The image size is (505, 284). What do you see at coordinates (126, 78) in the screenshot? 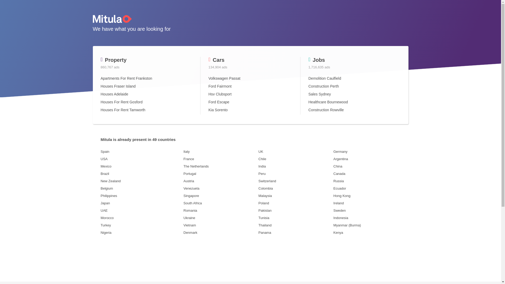
I see `'Apartments For Rent Frankston'` at bounding box center [126, 78].